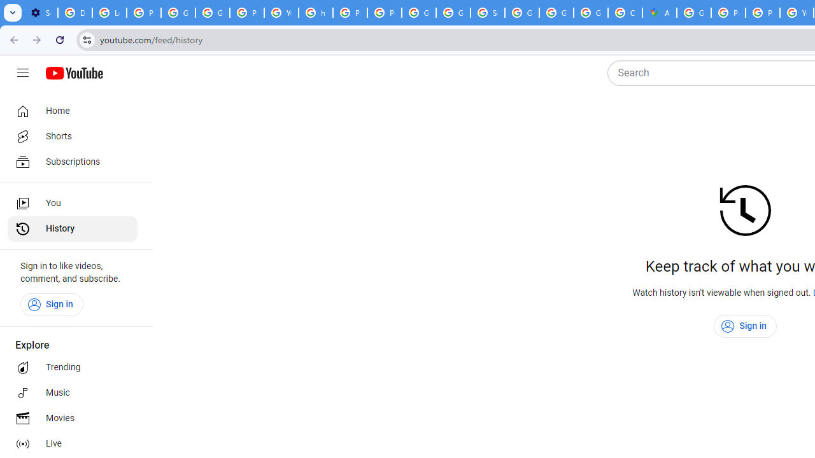 Image resolution: width=815 pixels, height=458 pixels. I want to click on 'Create your Google Account', so click(625, 13).